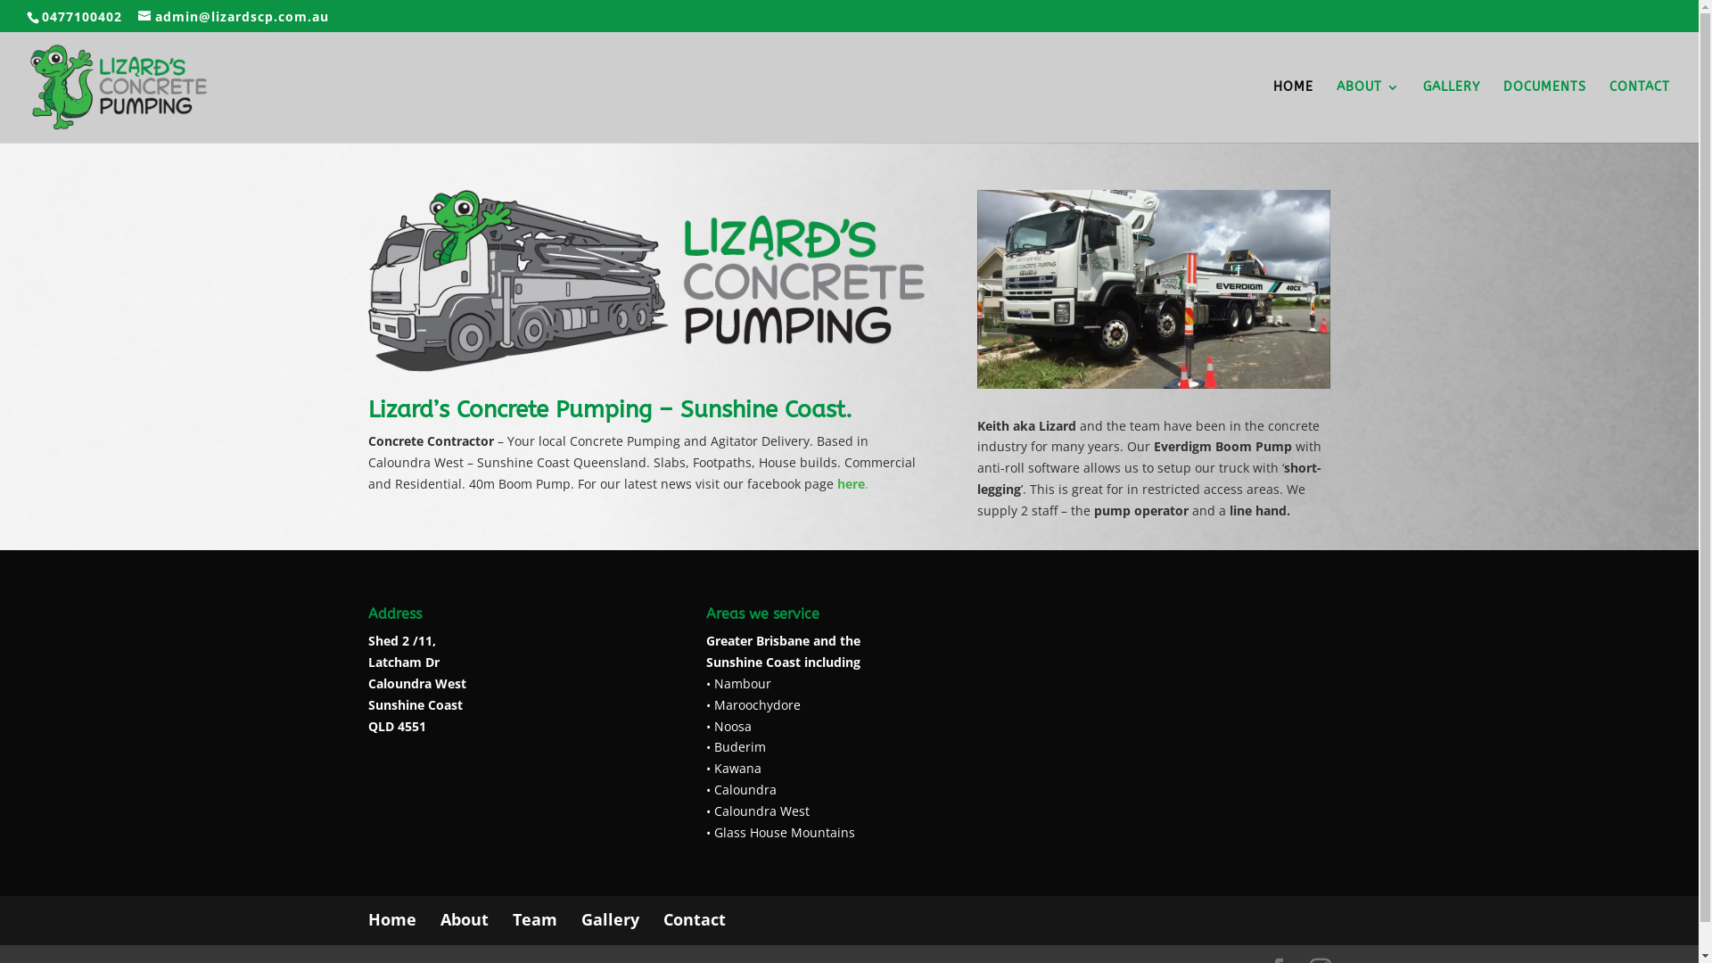 This screenshot has height=963, width=1712. Describe the element at coordinates (1639, 111) in the screenshot. I see `'CONTACT'` at that location.